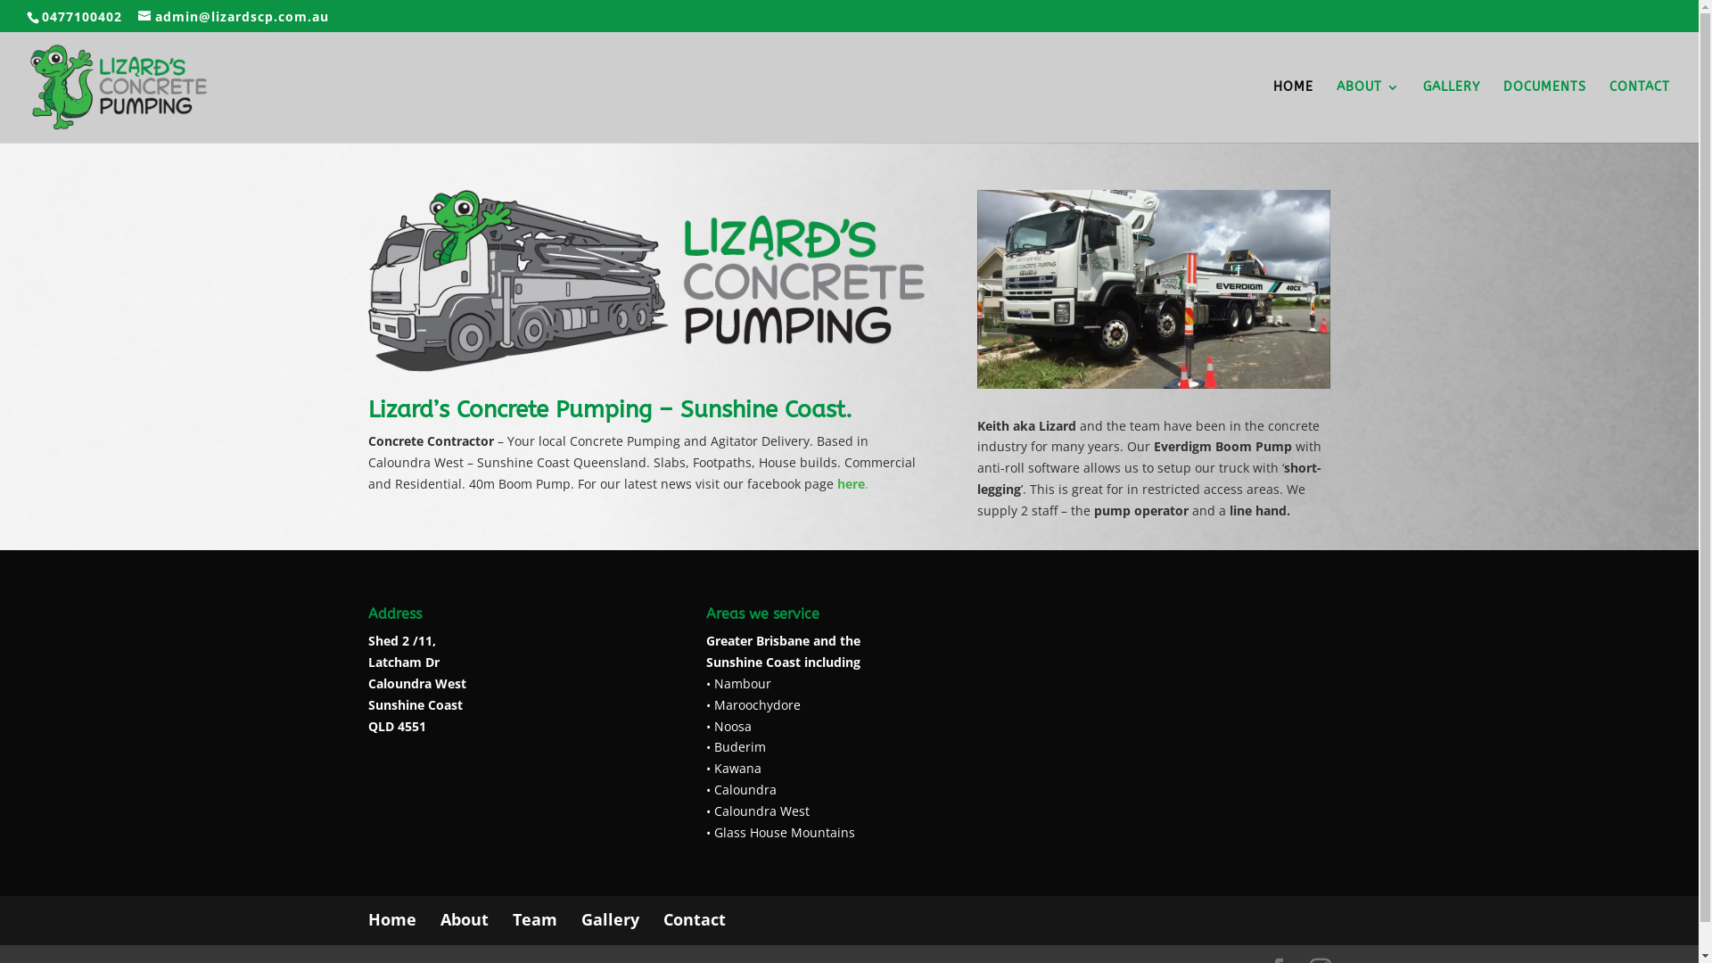 This screenshot has height=963, width=1712. Describe the element at coordinates (1639, 111) in the screenshot. I see `'CONTACT'` at that location.